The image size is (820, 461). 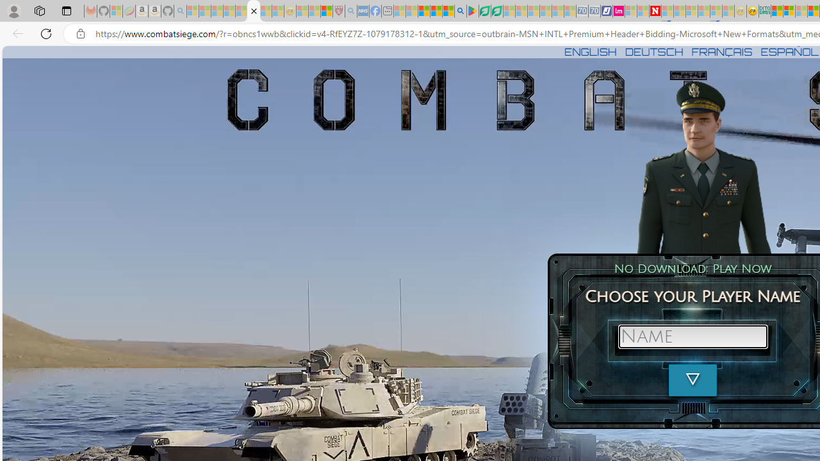 What do you see at coordinates (436, 11) in the screenshot?
I see `'Pets - MSN'` at bounding box center [436, 11].